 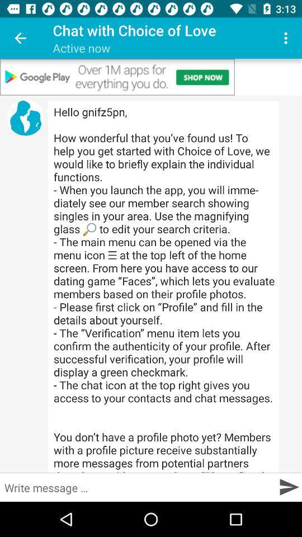 I want to click on send message, so click(x=289, y=486).